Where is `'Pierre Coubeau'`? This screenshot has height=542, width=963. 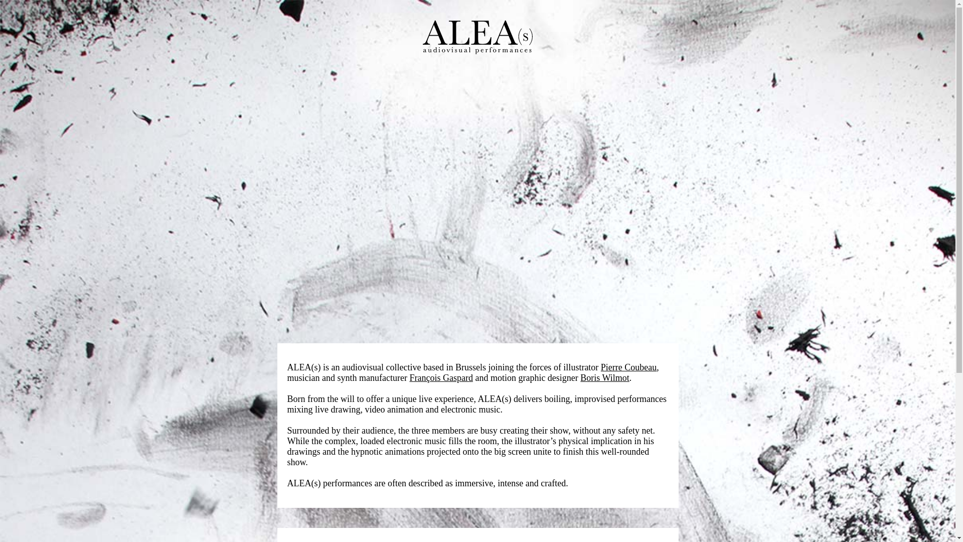
'Pierre Coubeau' is located at coordinates (628, 367).